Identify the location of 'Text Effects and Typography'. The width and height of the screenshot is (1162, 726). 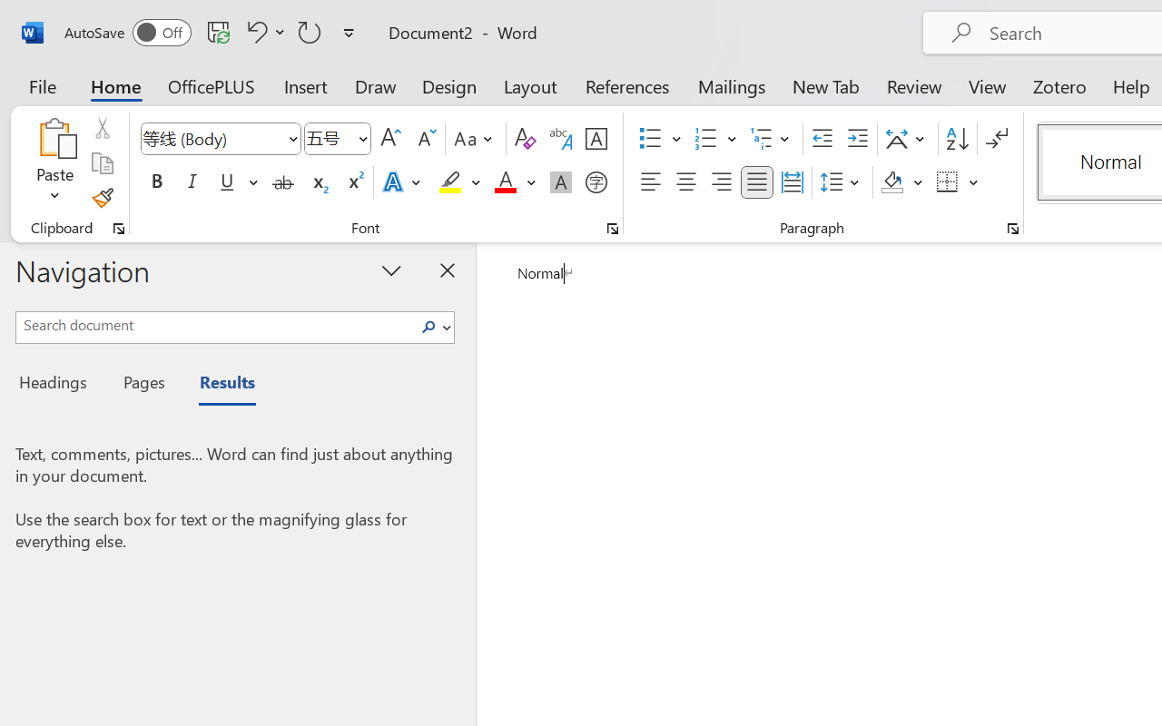
(402, 182).